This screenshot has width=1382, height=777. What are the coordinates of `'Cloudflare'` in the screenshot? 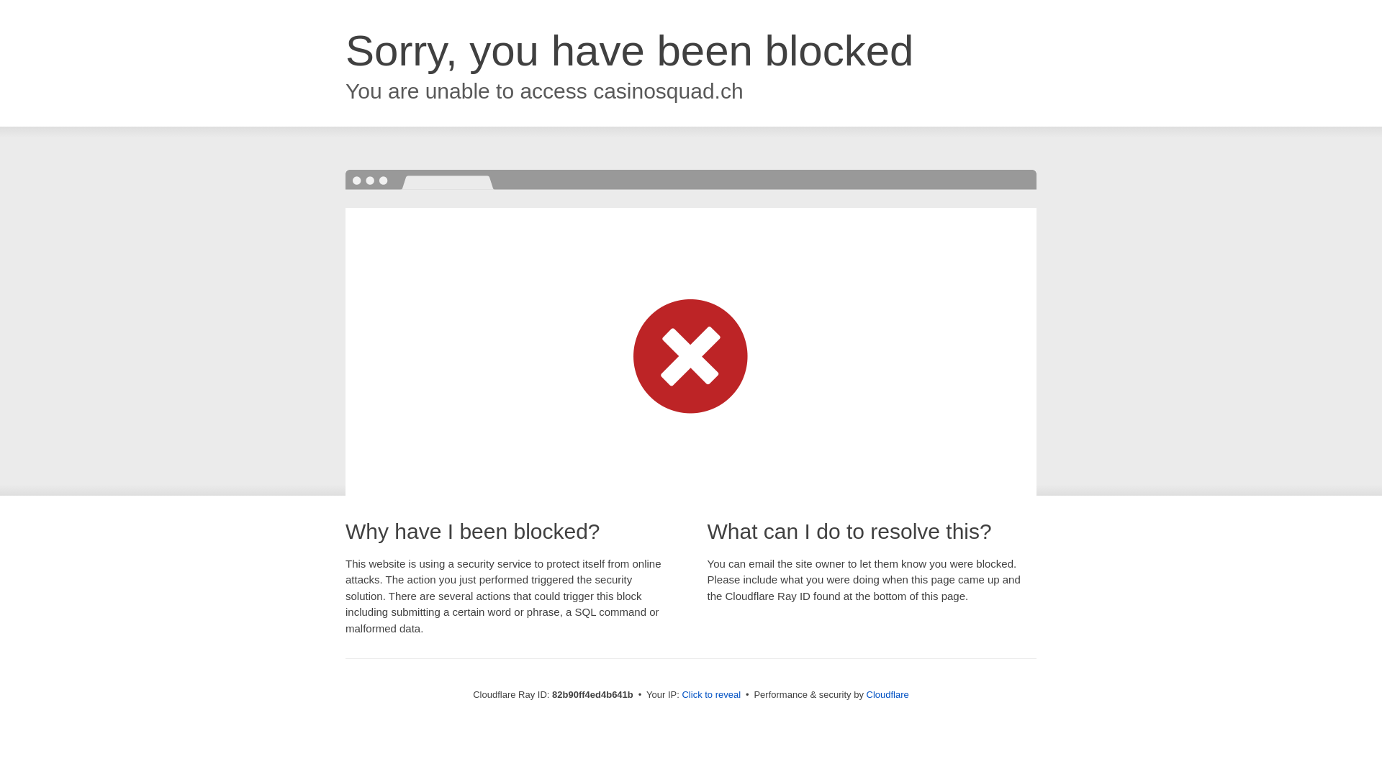 It's located at (887, 694).